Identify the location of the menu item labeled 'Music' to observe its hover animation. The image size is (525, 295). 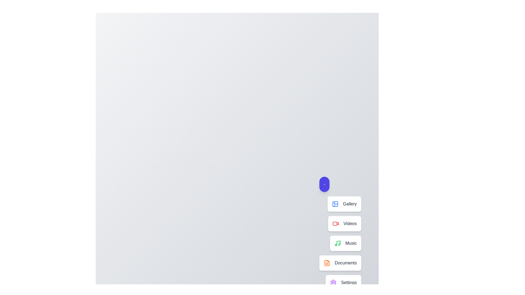
(345, 243).